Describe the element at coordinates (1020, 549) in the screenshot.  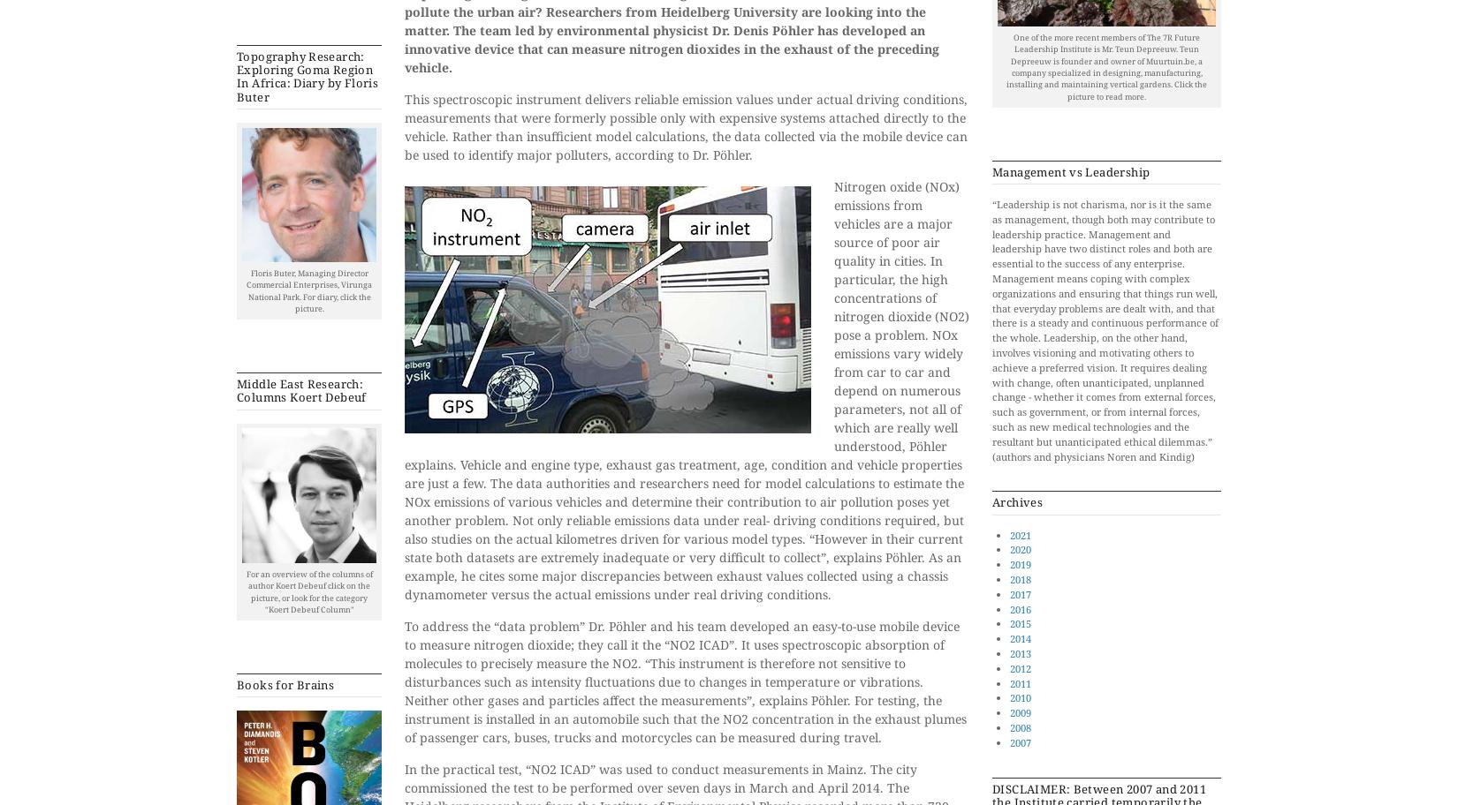
I see `'2020'` at that location.